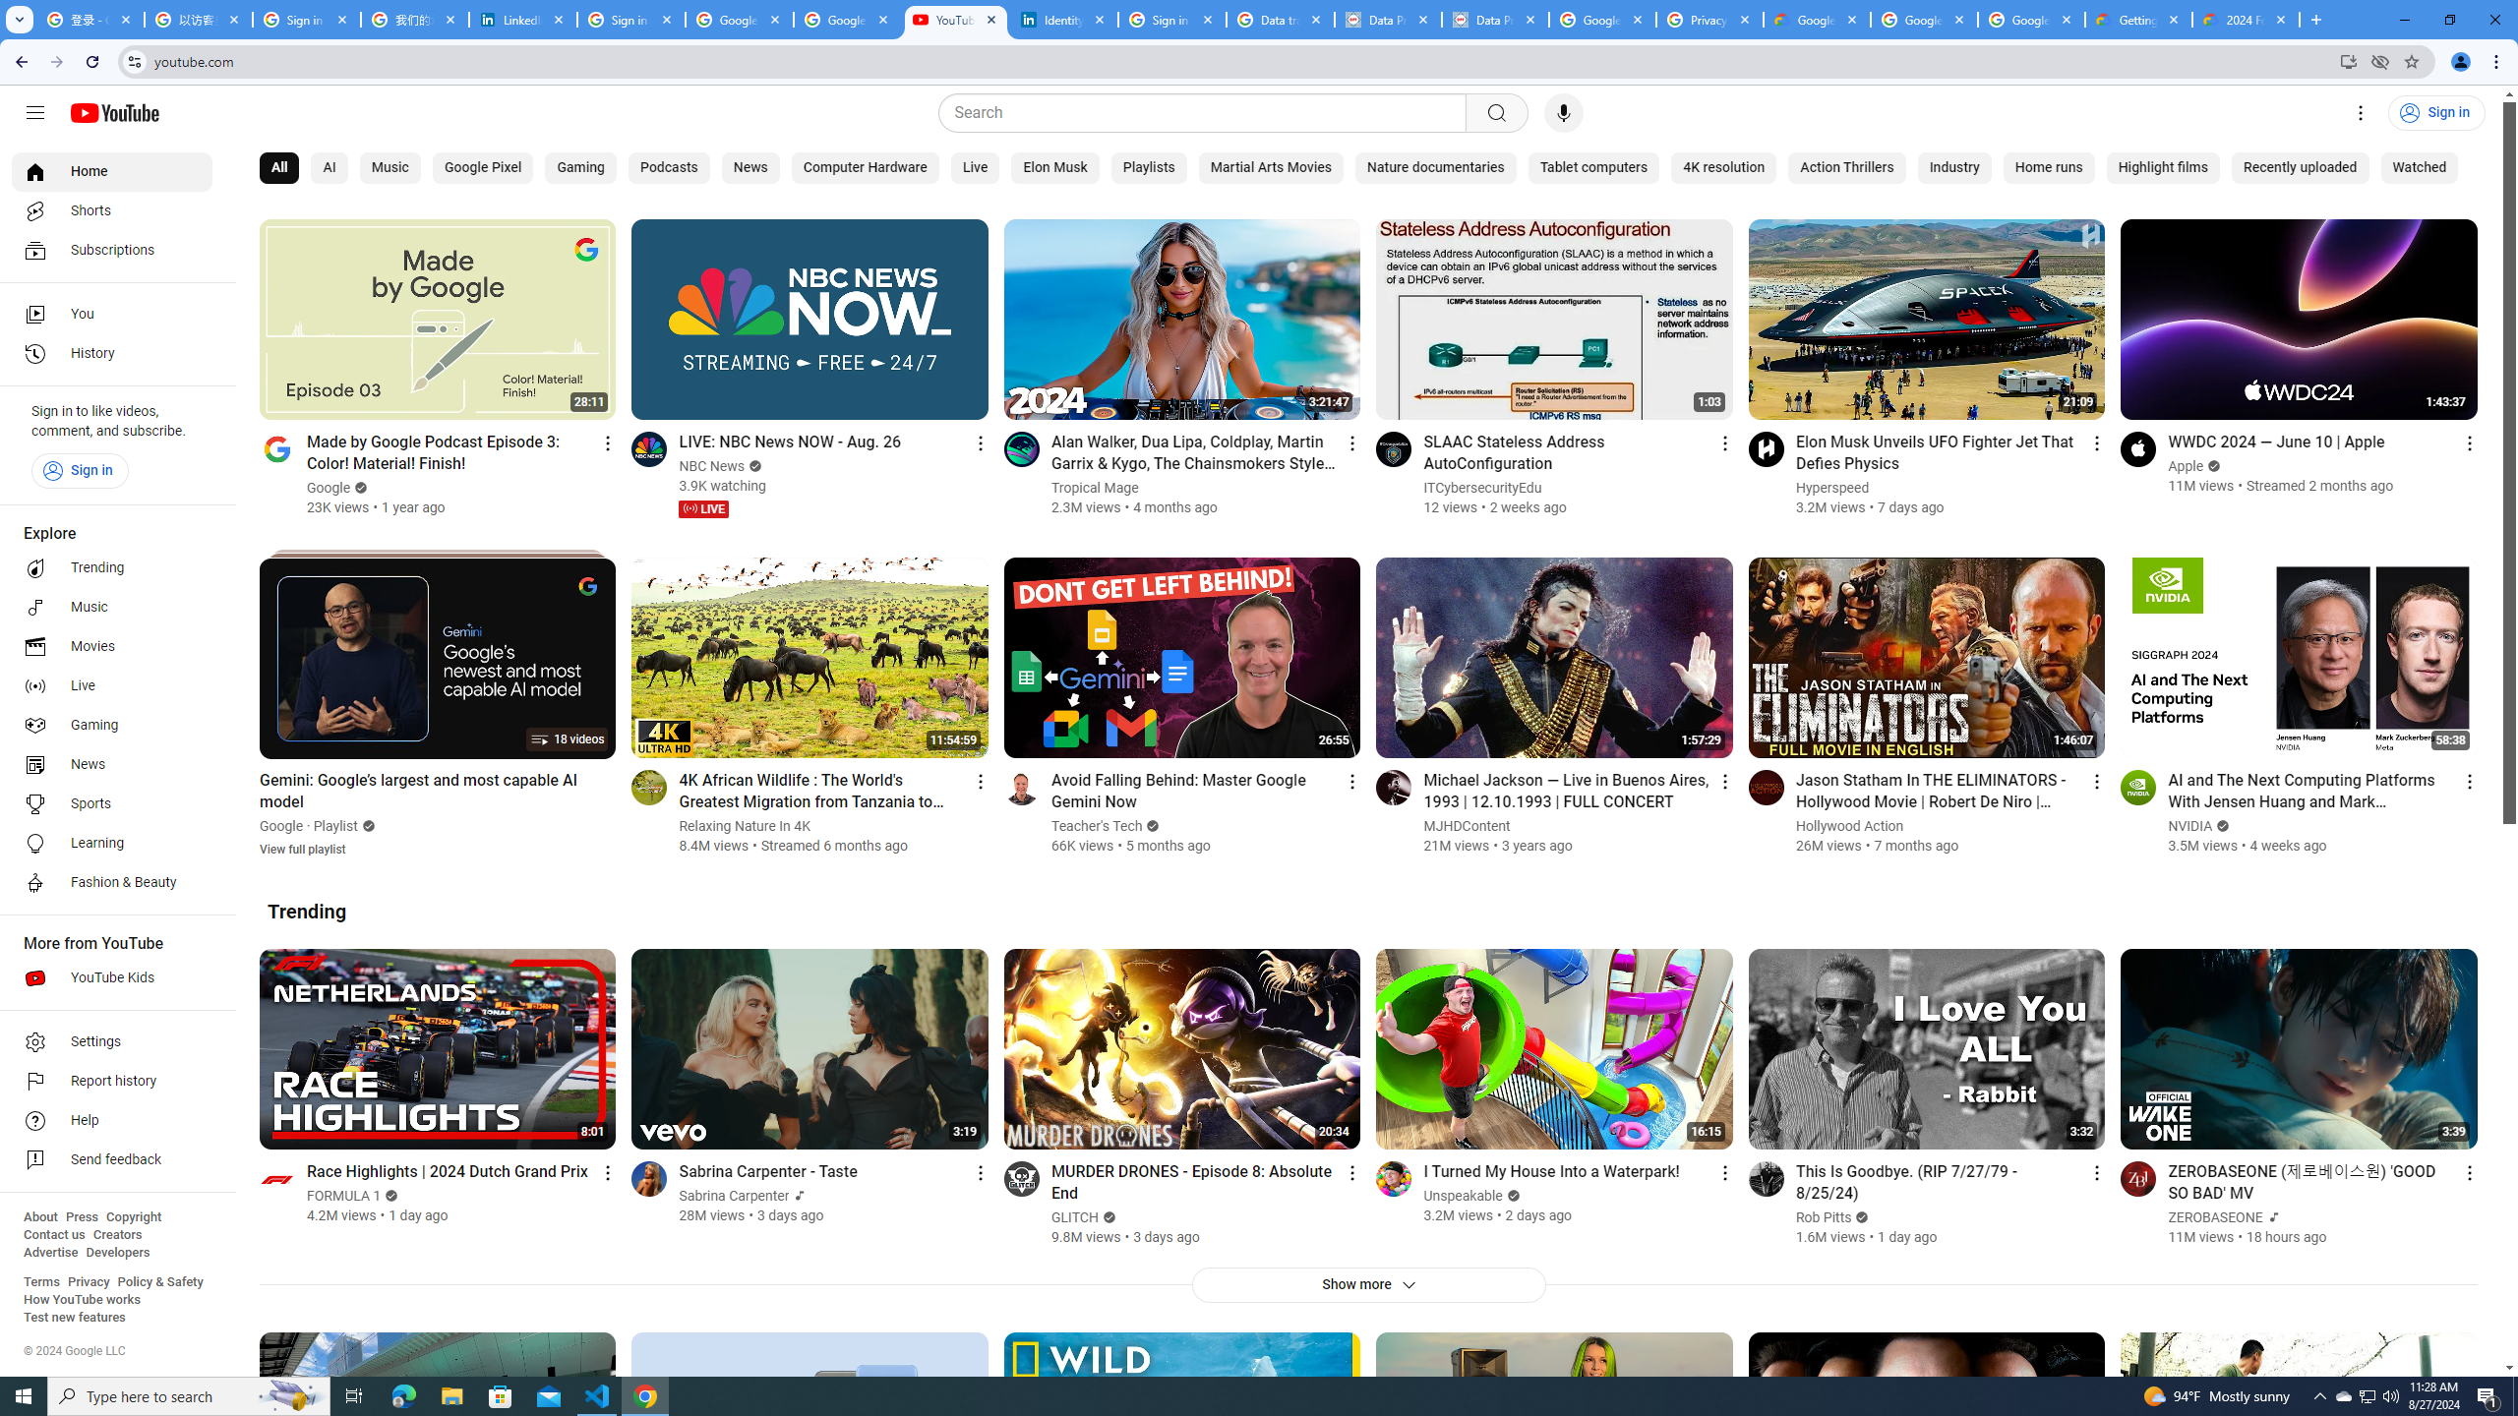 This screenshot has width=2518, height=1416. I want to click on 'Sabrina Carpenter', so click(734, 1195).